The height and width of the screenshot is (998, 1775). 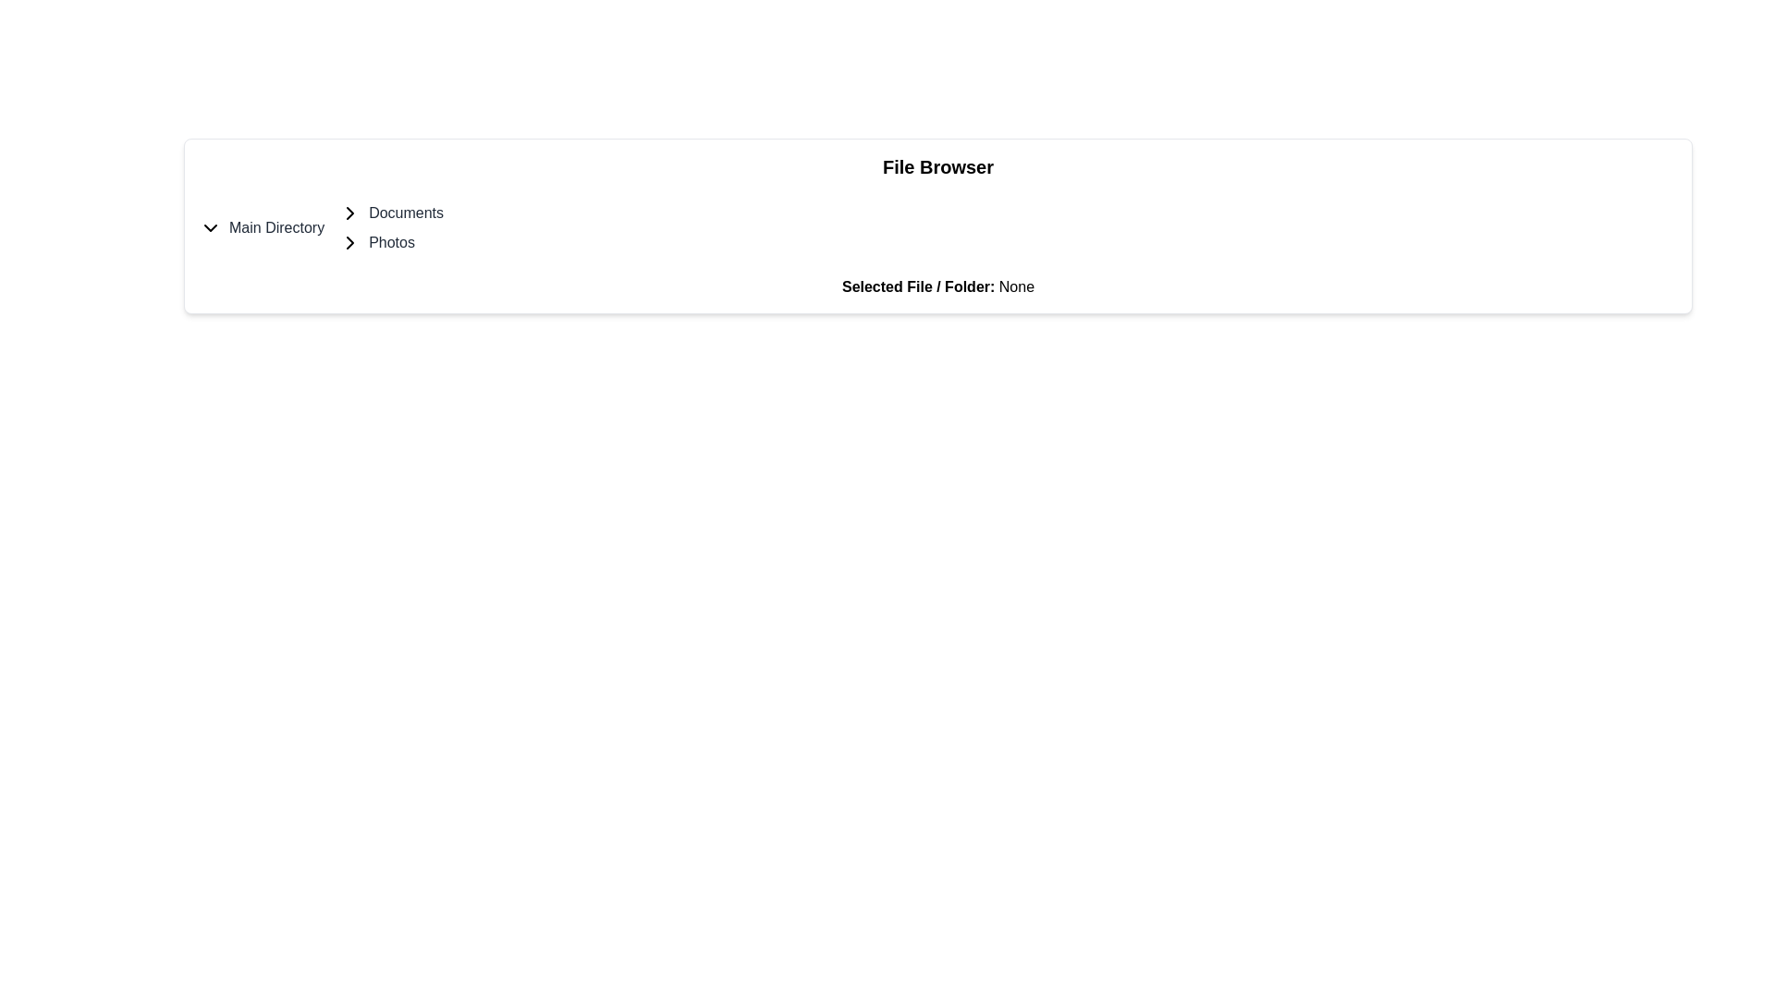 What do you see at coordinates (390, 213) in the screenshot?
I see `the 'Documents' button or menu item, which is the first item in the list and adjacent to a right-pointing arrow icon` at bounding box center [390, 213].